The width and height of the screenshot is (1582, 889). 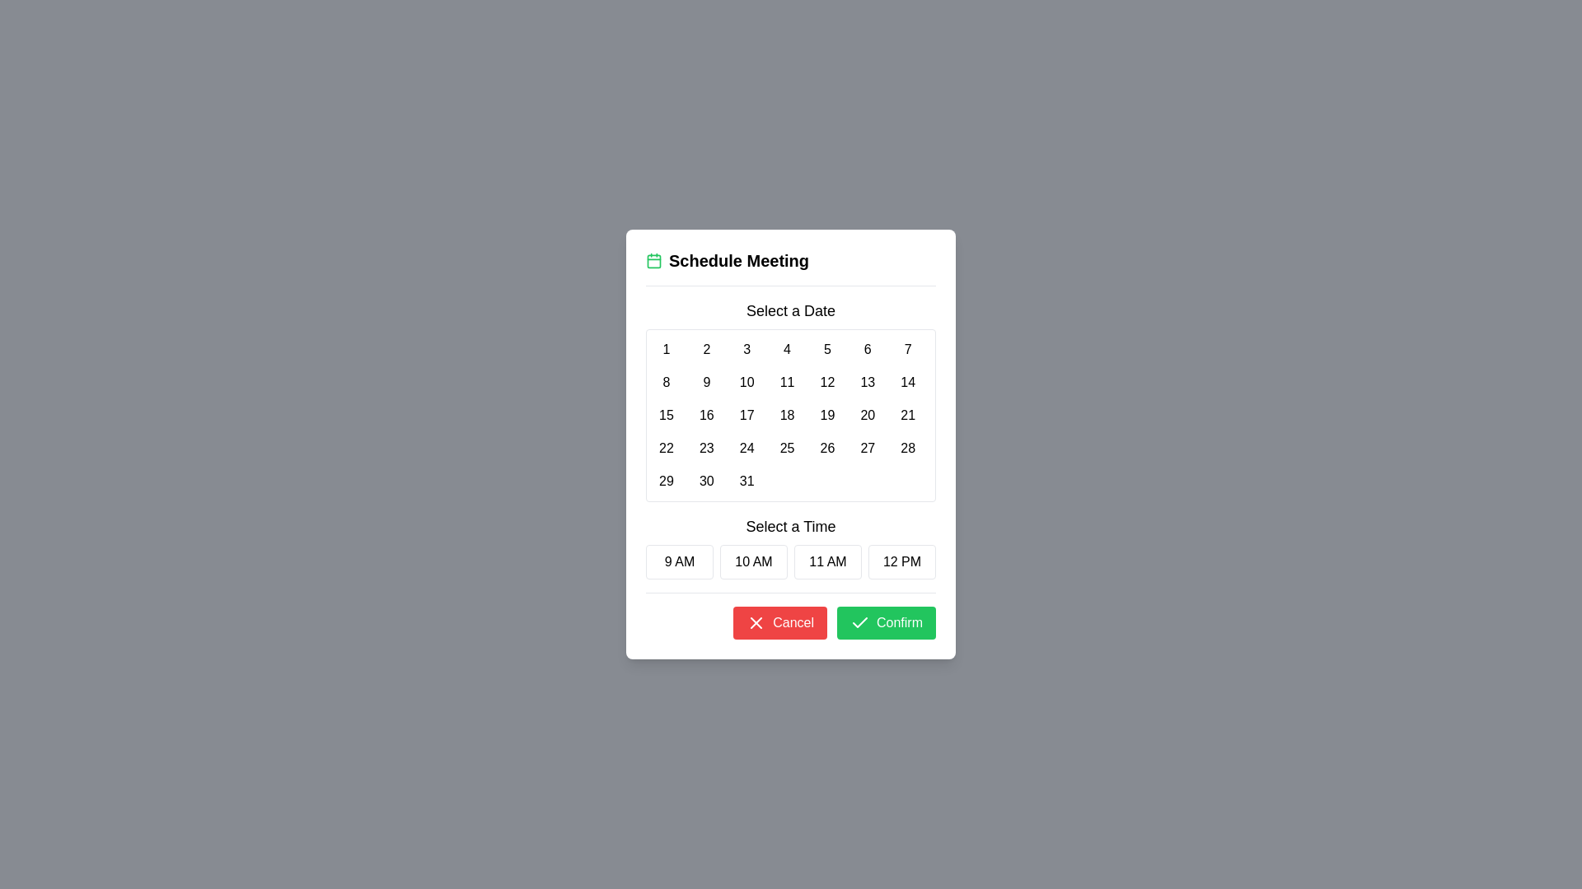 What do you see at coordinates (791, 311) in the screenshot?
I see `the text label that serves as a title for the calendar grid, indicating the purpose of date selection` at bounding box center [791, 311].